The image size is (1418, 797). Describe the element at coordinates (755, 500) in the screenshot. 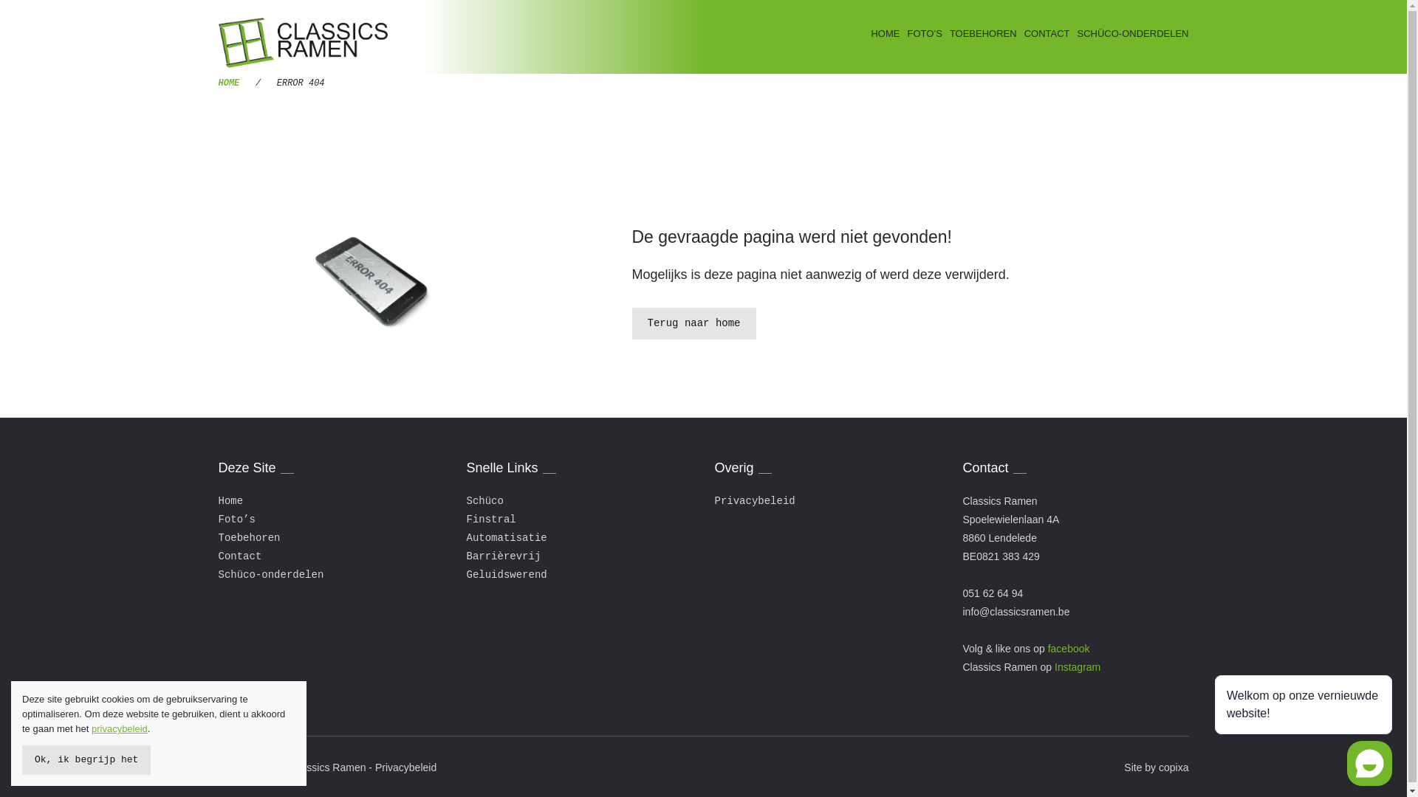

I see `'Privacybeleid'` at that location.